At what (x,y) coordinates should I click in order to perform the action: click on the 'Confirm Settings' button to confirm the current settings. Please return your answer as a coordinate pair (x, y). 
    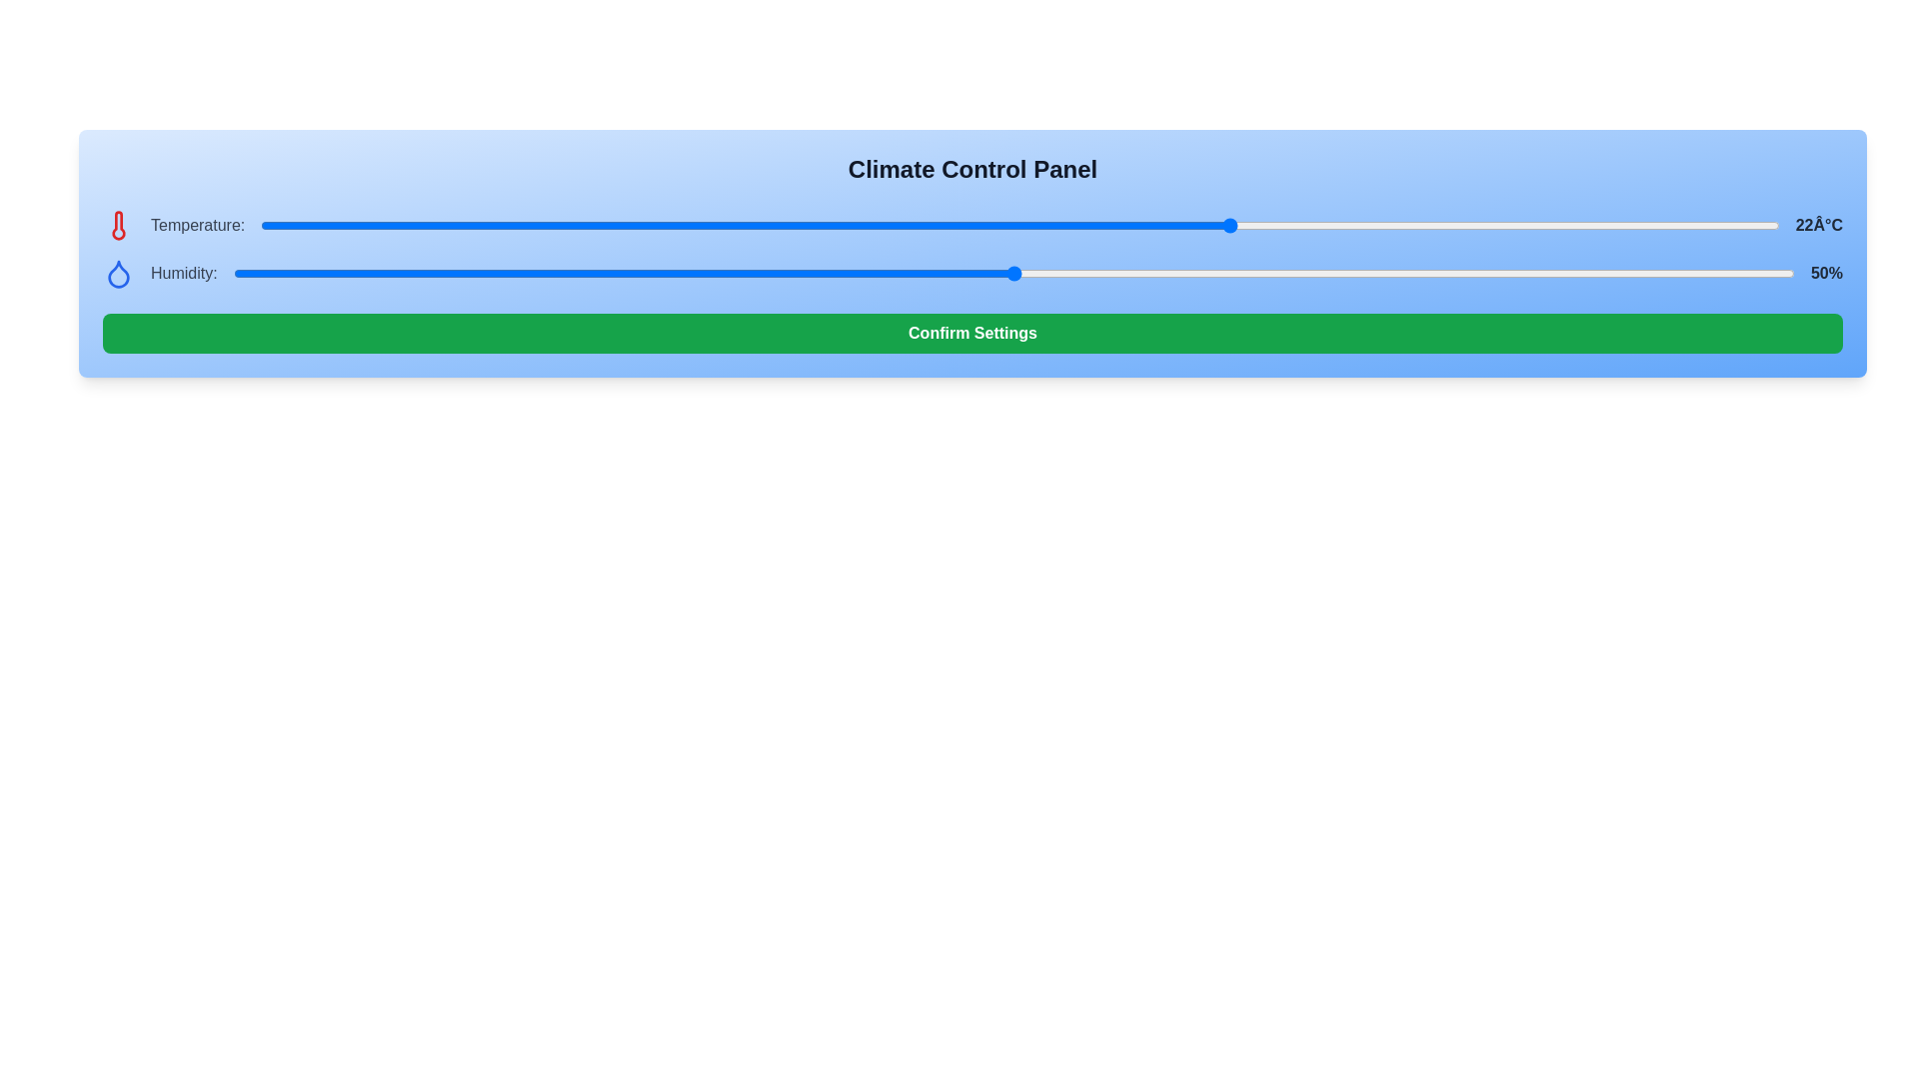
    Looking at the image, I should click on (972, 333).